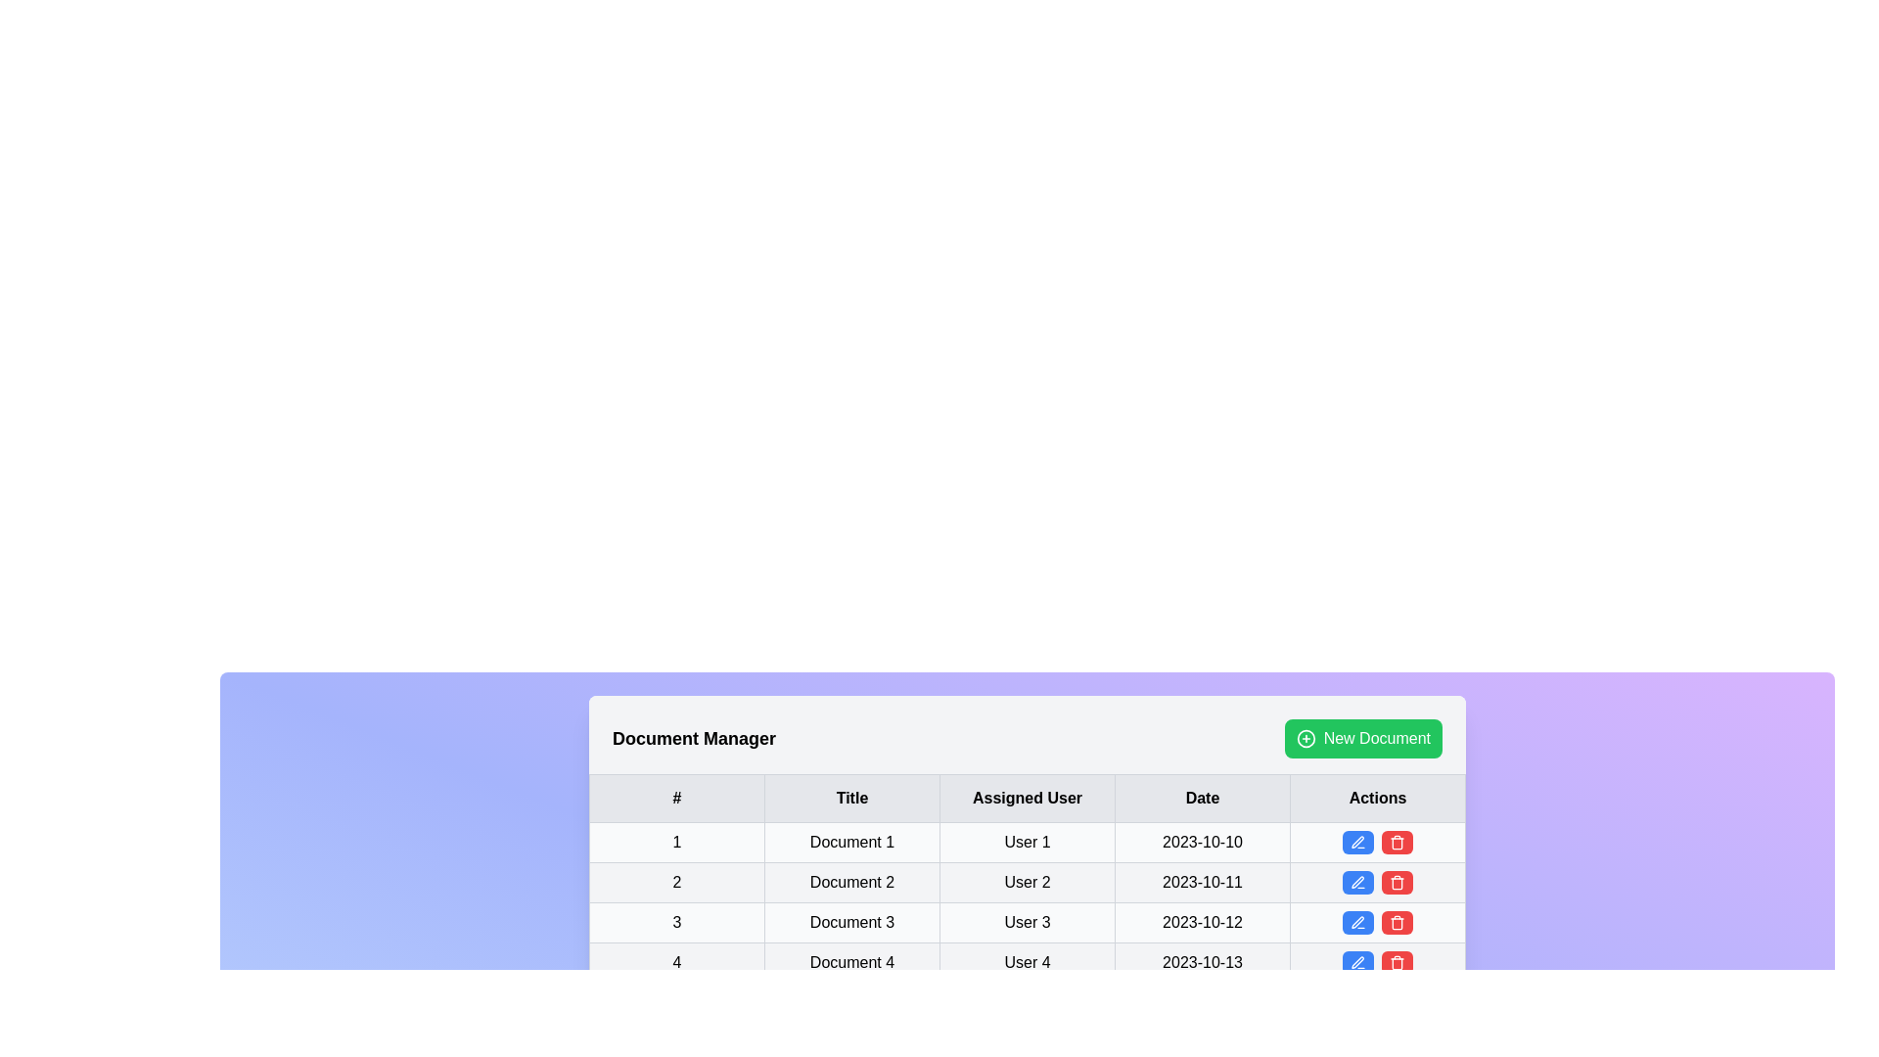 This screenshot has height=1057, width=1879. I want to click on the table cell that indicates the date associated with the record in row '3' of the fourth column, so click(1201, 922).